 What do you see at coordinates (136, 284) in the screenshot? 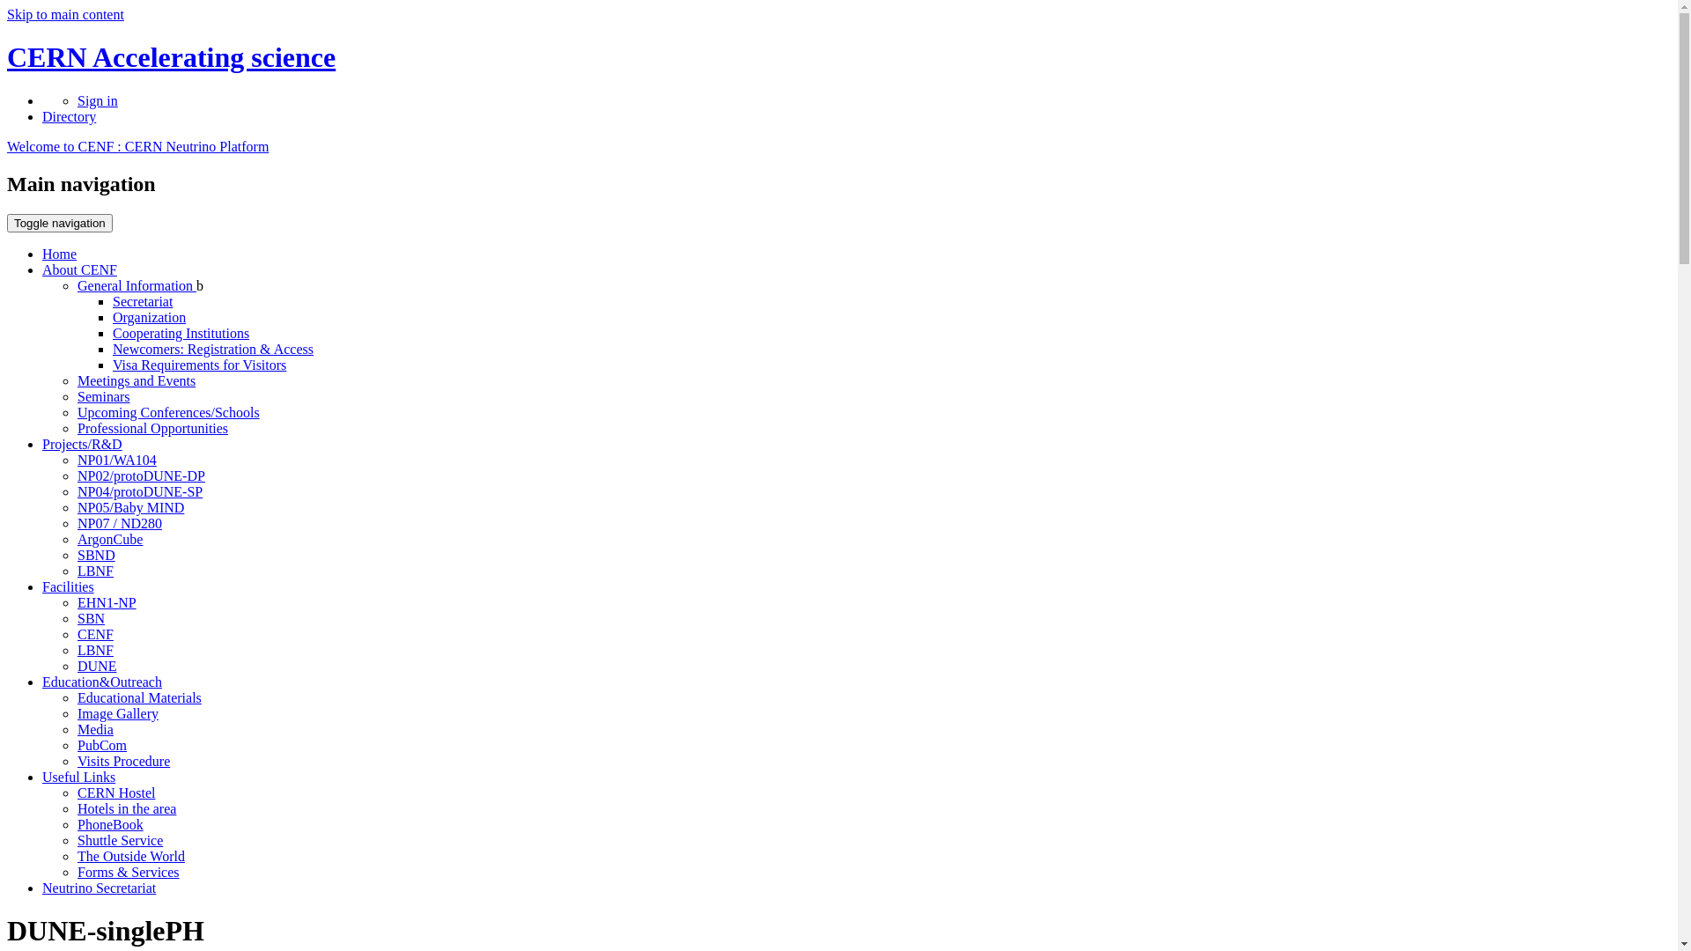
I see `'General Information'` at bounding box center [136, 284].